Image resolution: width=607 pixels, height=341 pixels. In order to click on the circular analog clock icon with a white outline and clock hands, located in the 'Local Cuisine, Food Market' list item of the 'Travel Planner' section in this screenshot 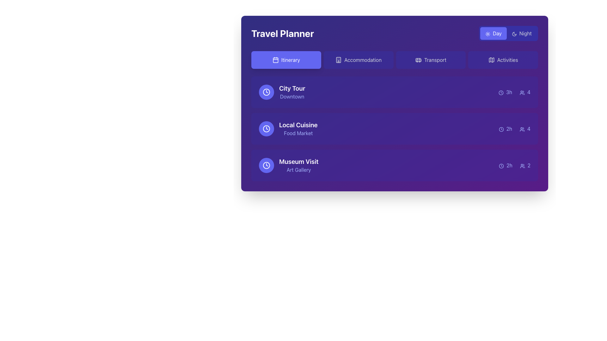, I will do `click(267, 129)`.